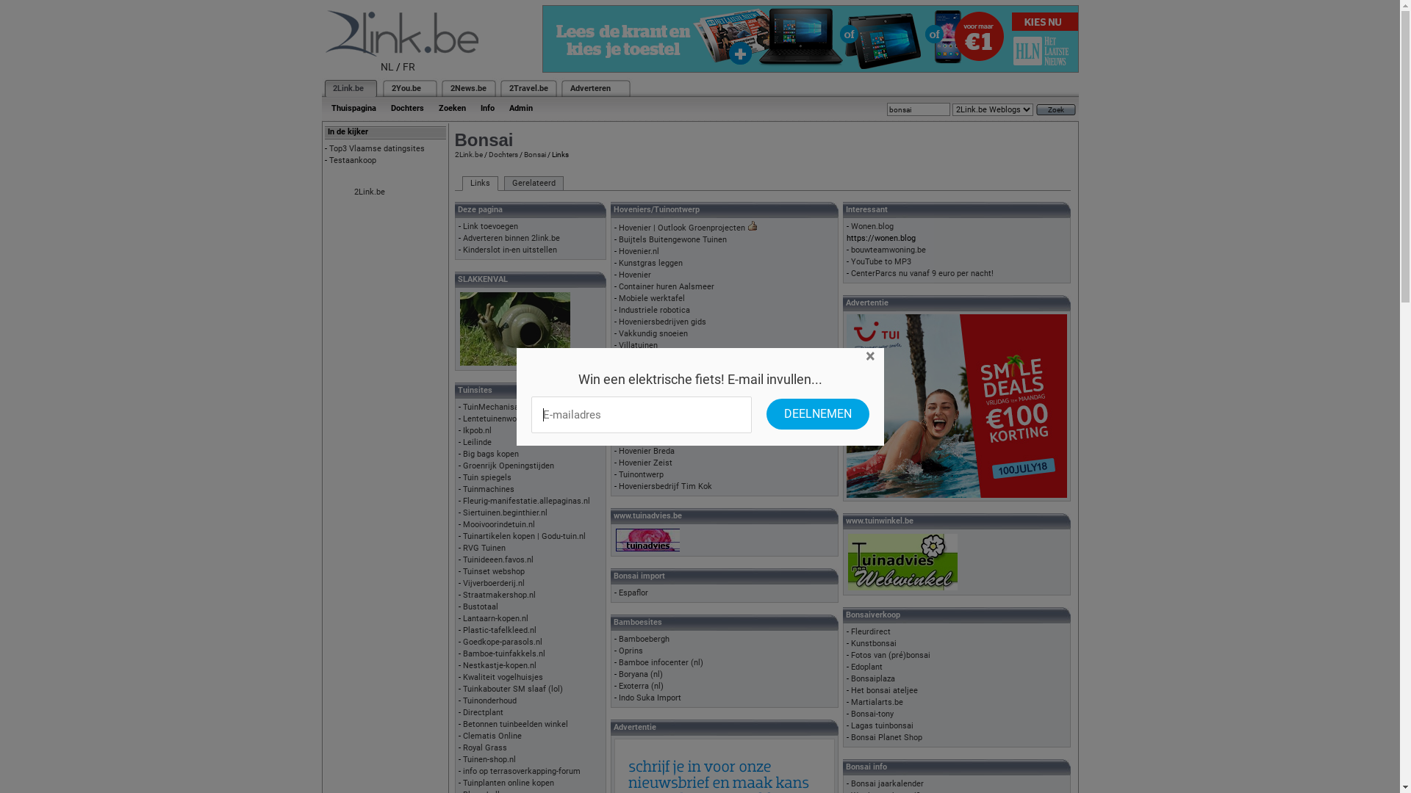 Image resolution: width=1411 pixels, height=793 pixels. What do you see at coordinates (618, 321) in the screenshot?
I see `'Hoveniersbedrijven gids'` at bounding box center [618, 321].